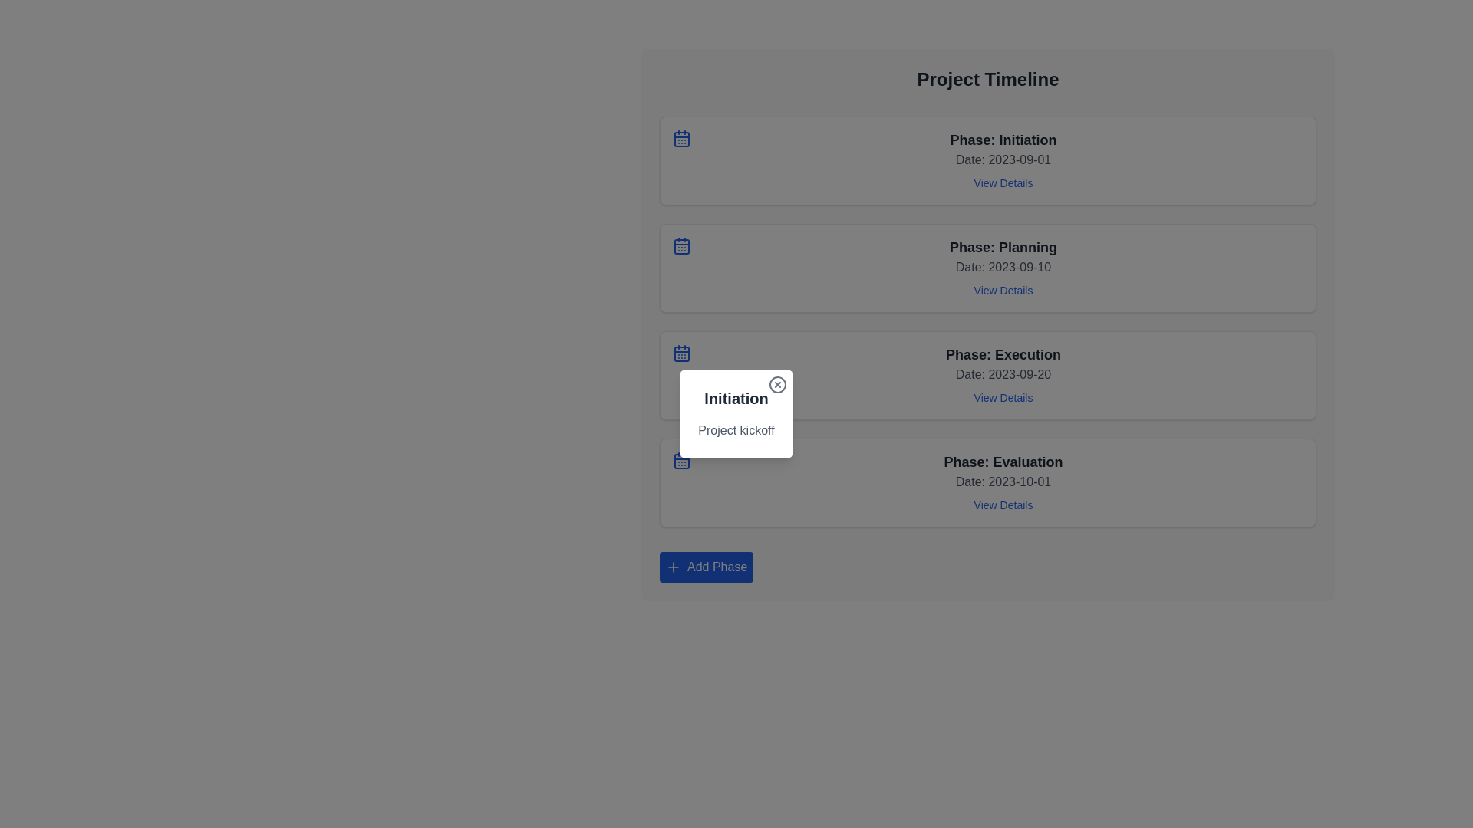 The image size is (1473, 828). What do you see at coordinates (680, 139) in the screenshot?
I see `the blue outline calendar icon located at the top-left corner of the 'Phase: Initiation' card` at bounding box center [680, 139].